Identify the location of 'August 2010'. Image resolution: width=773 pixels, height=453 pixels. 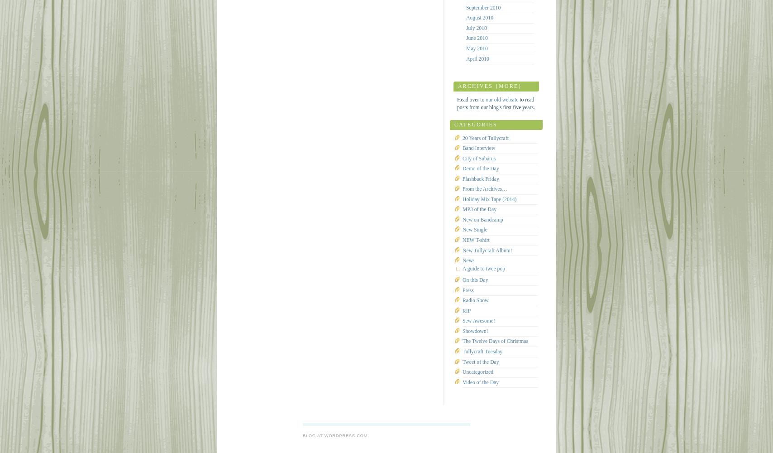
(479, 18).